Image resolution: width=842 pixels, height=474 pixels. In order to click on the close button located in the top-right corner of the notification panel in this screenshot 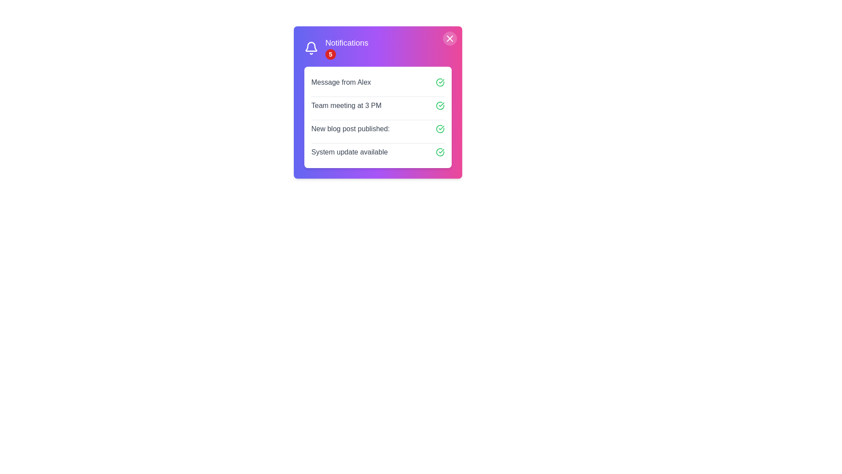, I will do `click(450, 39)`.